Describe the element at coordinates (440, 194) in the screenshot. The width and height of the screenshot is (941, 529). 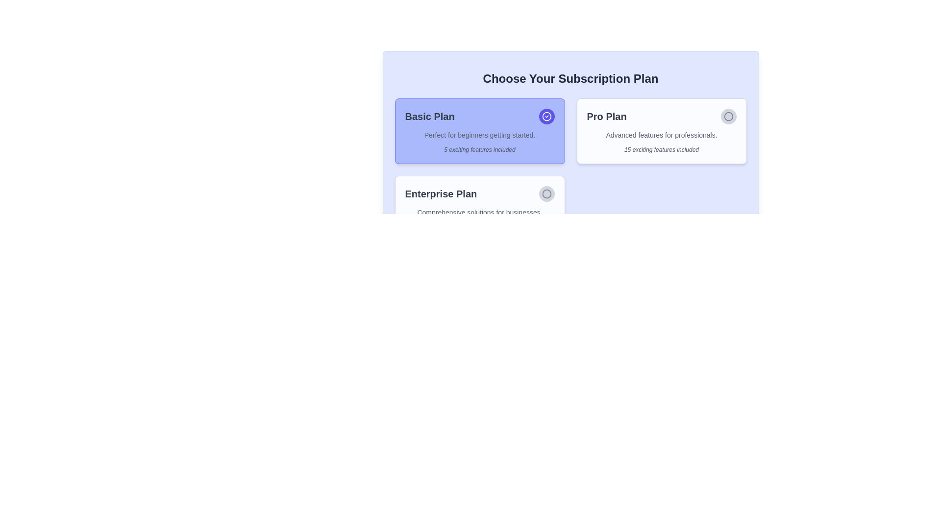
I see `the bold text label displaying 'Enterprise Plan', which is located at the top-left corner of the subscription plan card` at that location.